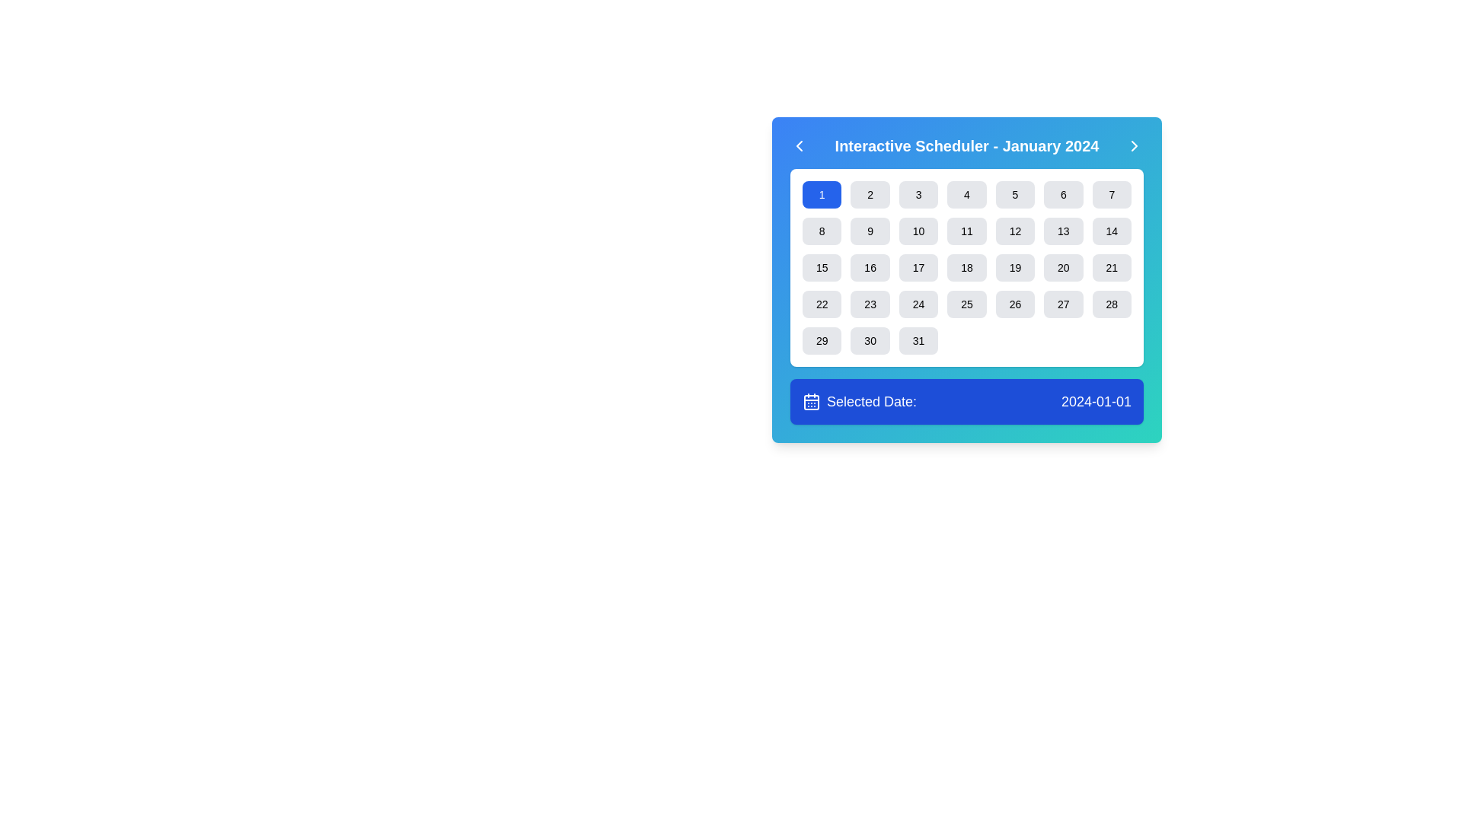 This screenshot has width=1462, height=822. What do you see at coordinates (1134, 146) in the screenshot?
I see `the right-pointing chevron icon button located at the top-right corner of the header labeled 'Interactive Scheduler - January 2024'` at bounding box center [1134, 146].